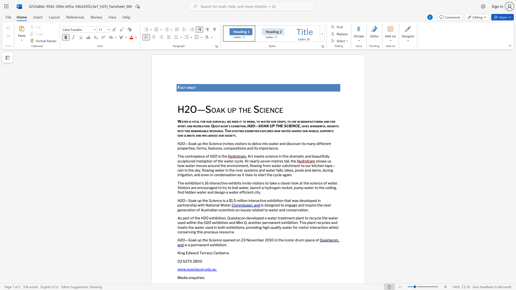 This screenshot has height=290, width=516. I want to click on the subset text "erma" within the text "is a permanent exhibition.", so click(193, 245).